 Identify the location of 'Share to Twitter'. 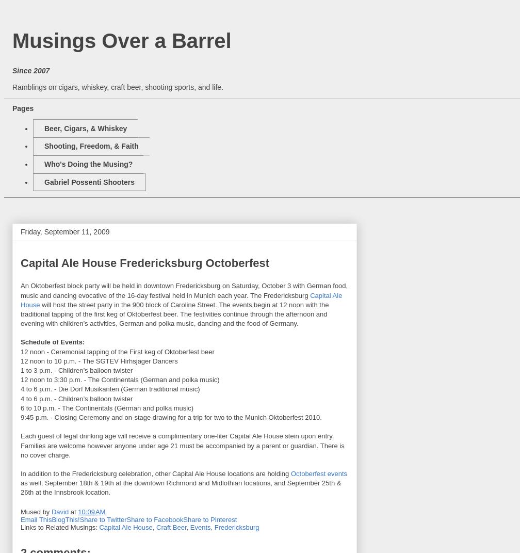
(103, 519).